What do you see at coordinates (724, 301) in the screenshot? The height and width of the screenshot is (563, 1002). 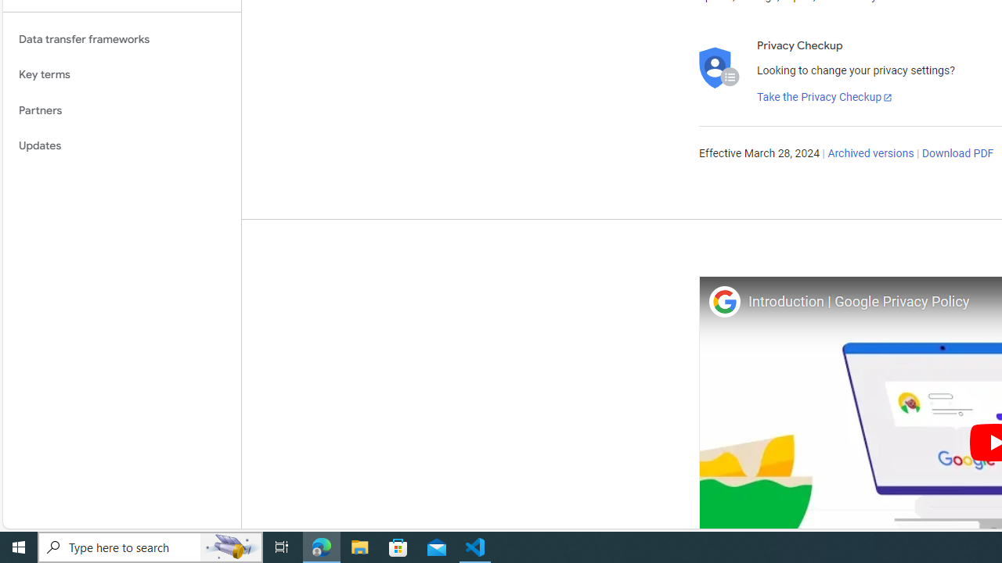 I see `'Photo image of Google'` at bounding box center [724, 301].